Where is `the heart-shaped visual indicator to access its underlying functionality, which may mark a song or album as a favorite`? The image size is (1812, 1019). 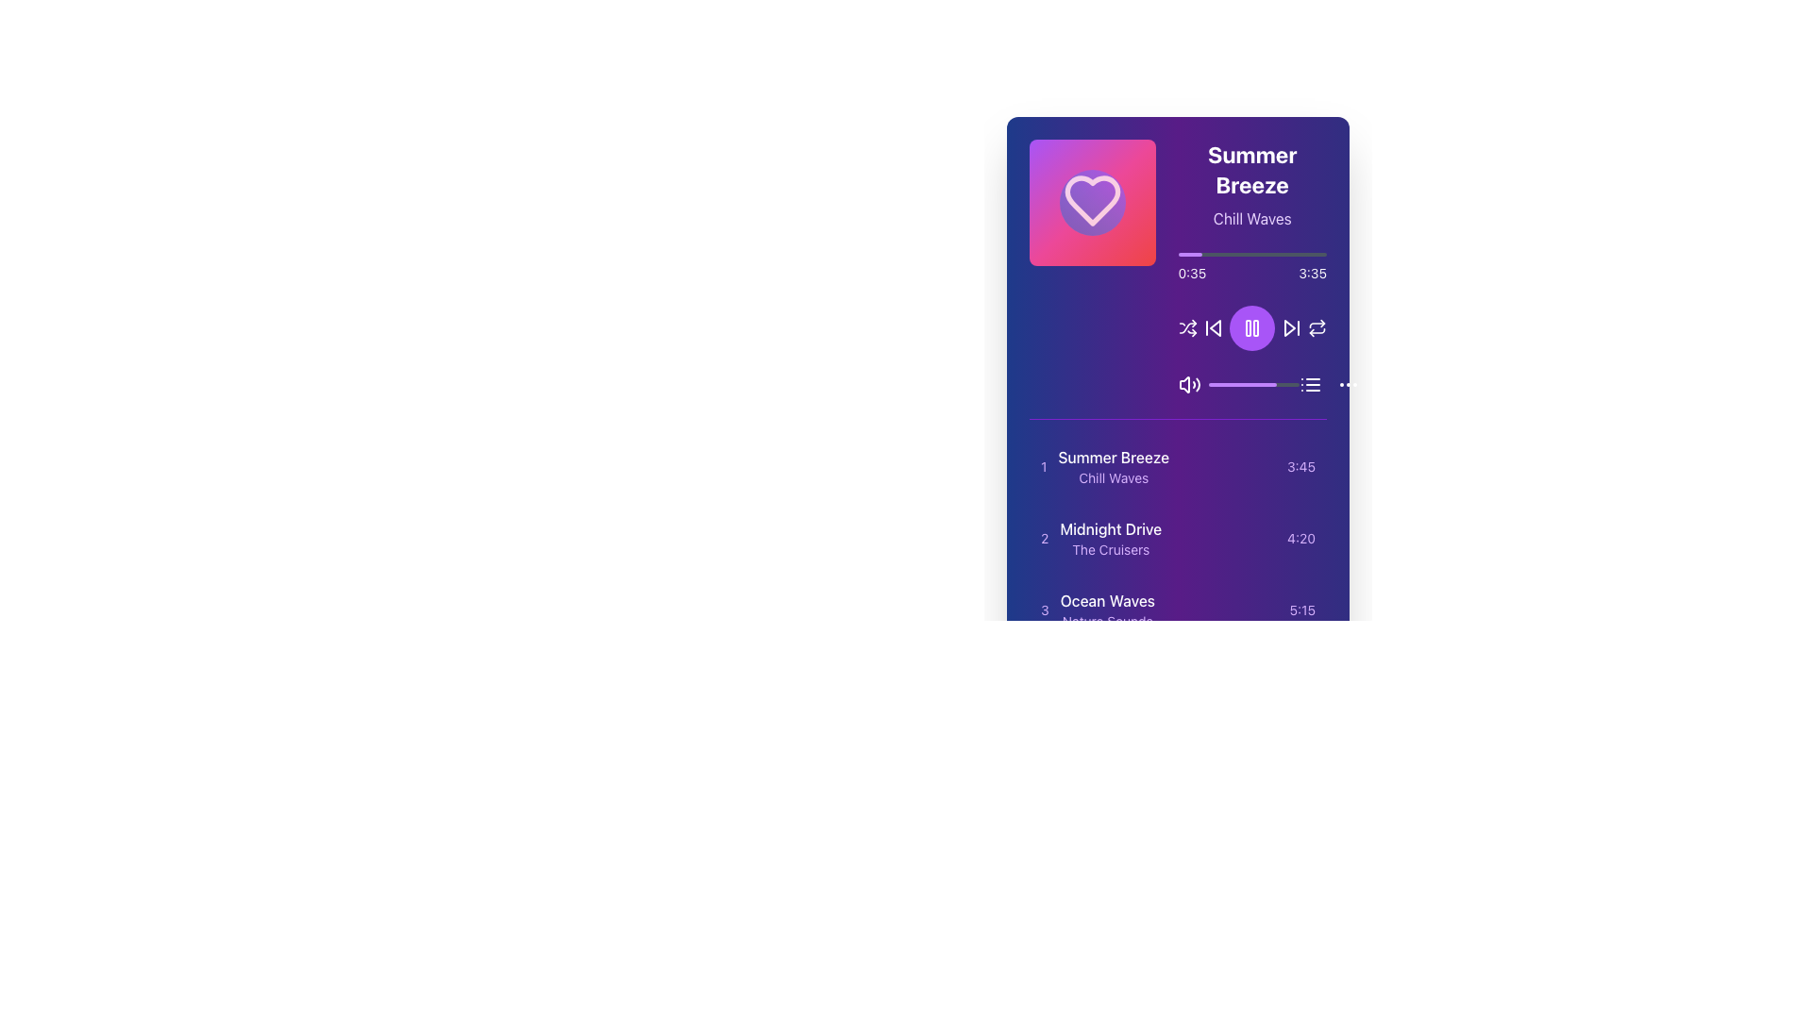 the heart-shaped visual indicator to access its underlying functionality, which may mark a song or album as a favorite is located at coordinates (1092, 200).